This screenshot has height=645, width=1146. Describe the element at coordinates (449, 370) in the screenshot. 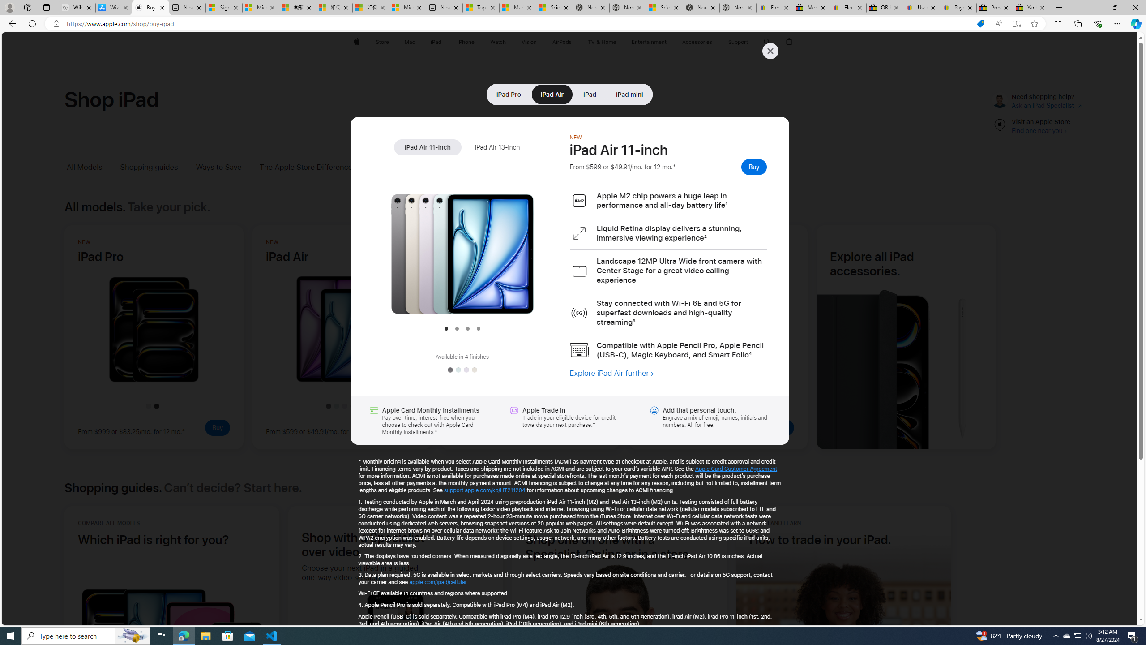

I see `'Space Gray'` at that location.